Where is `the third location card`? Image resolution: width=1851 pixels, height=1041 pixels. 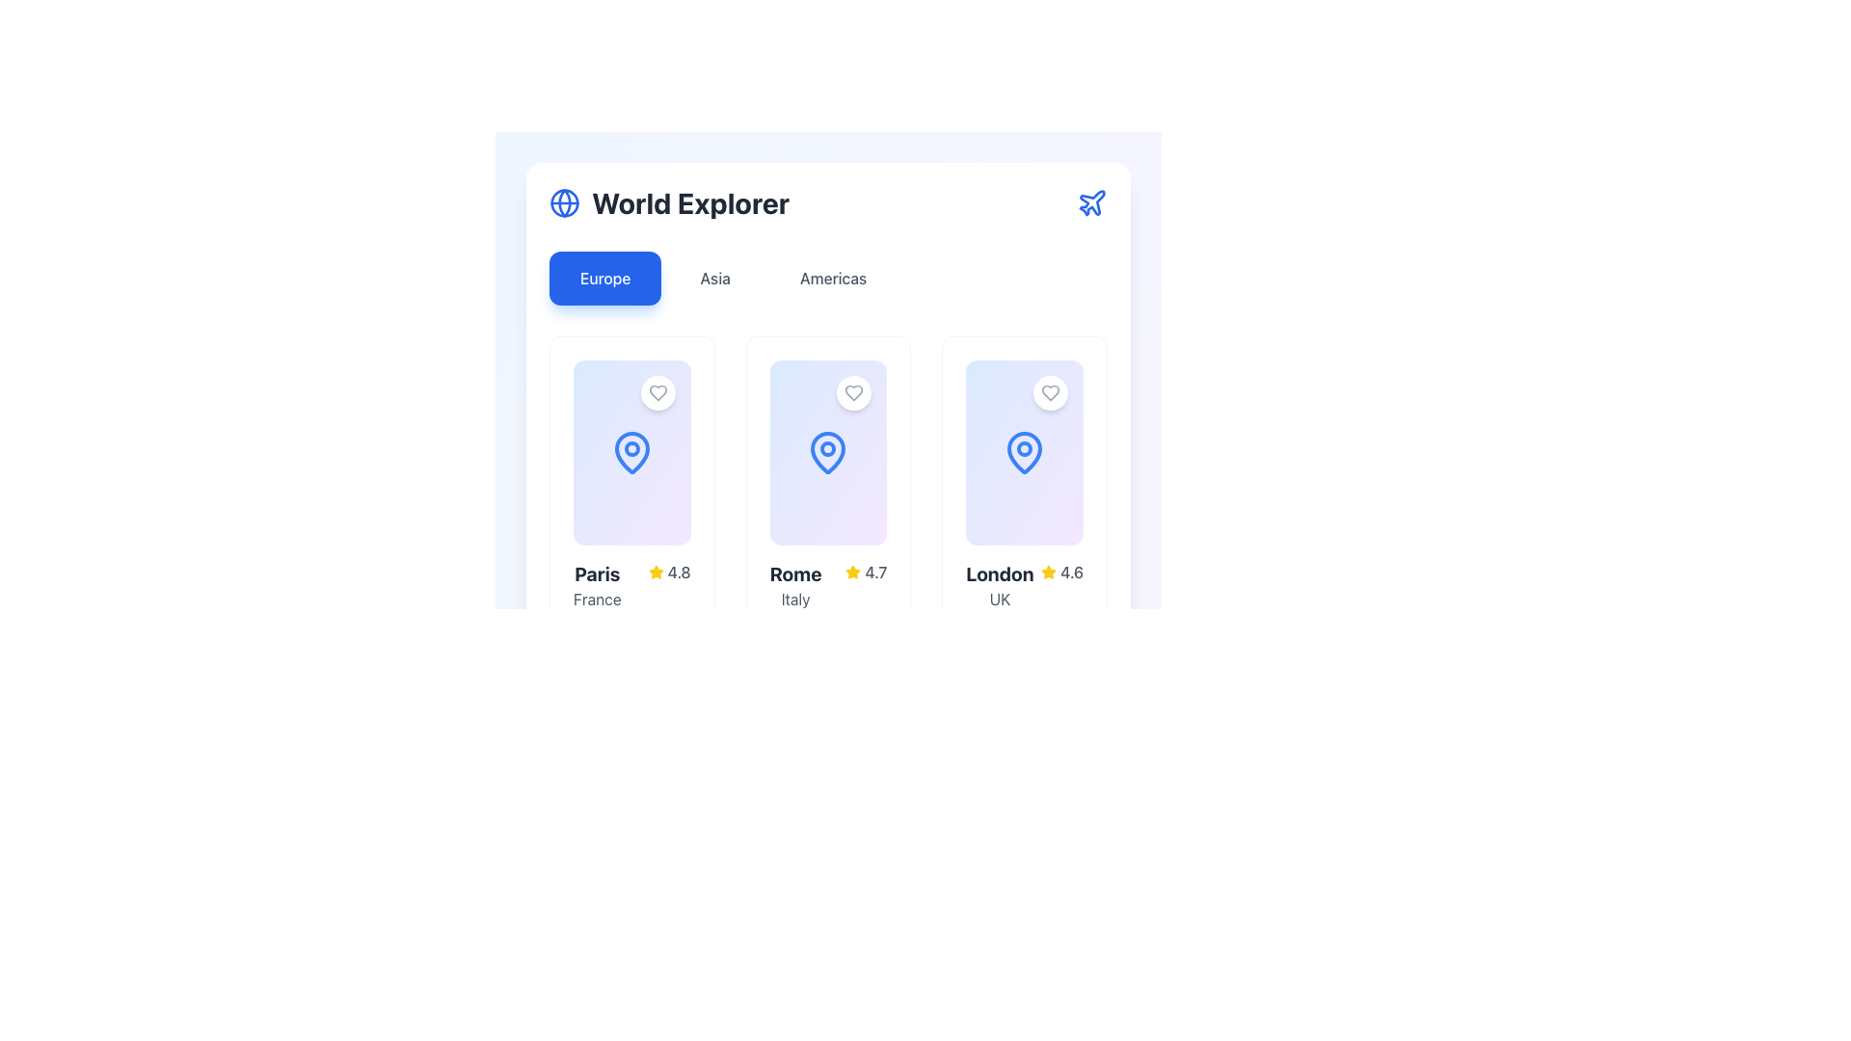
the third location card is located at coordinates (1023, 453).